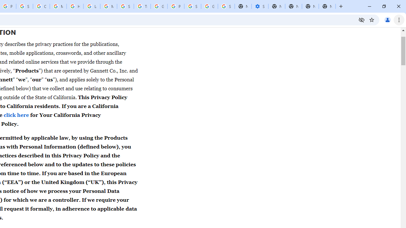  I want to click on 'Settings - Performance', so click(260, 6).